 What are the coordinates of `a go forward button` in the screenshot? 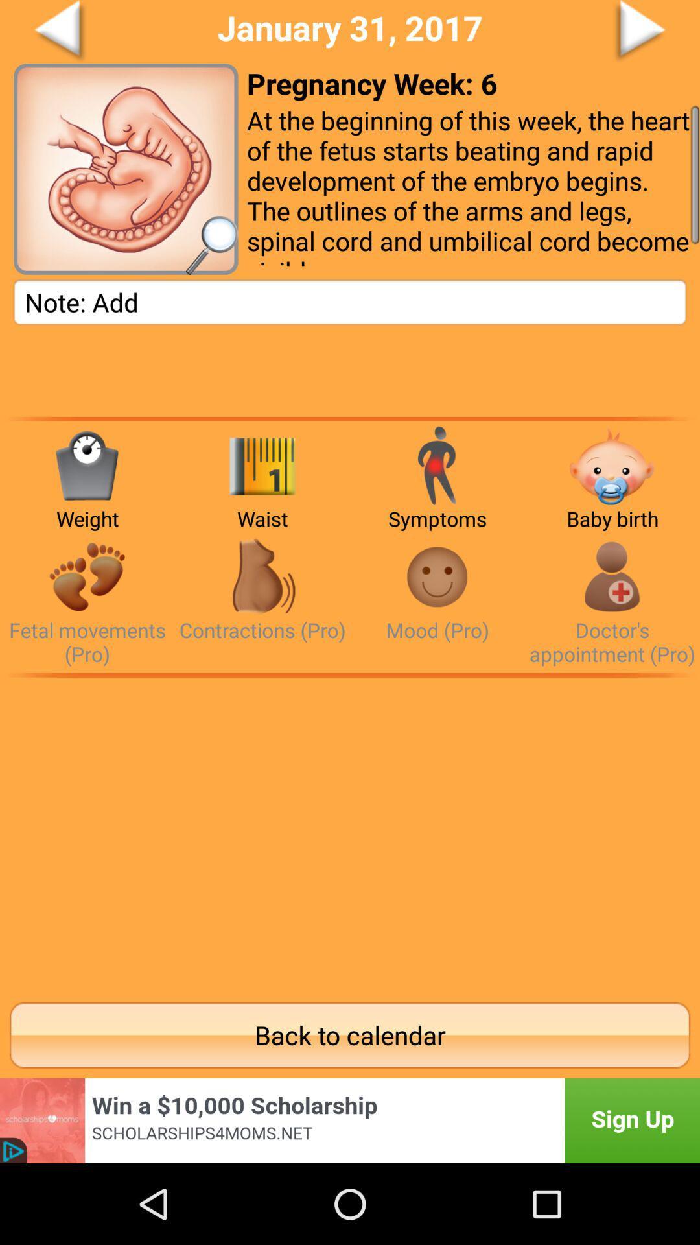 It's located at (591, 32).